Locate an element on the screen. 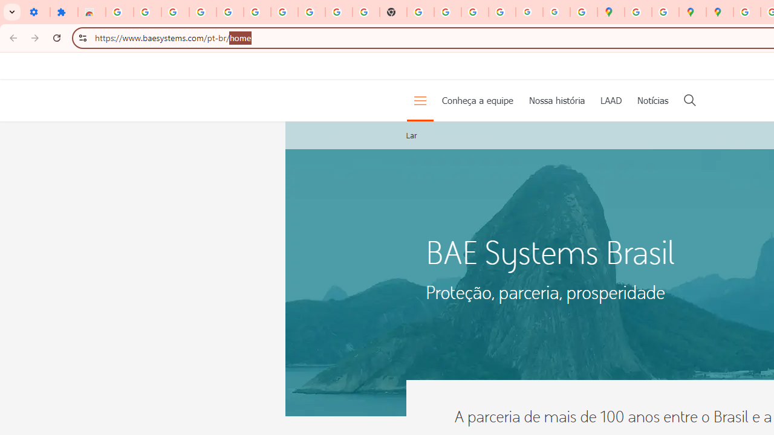 The image size is (774, 435). 'Learn how to find your photos - Google Photos Help' is located at coordinates (203, 12).